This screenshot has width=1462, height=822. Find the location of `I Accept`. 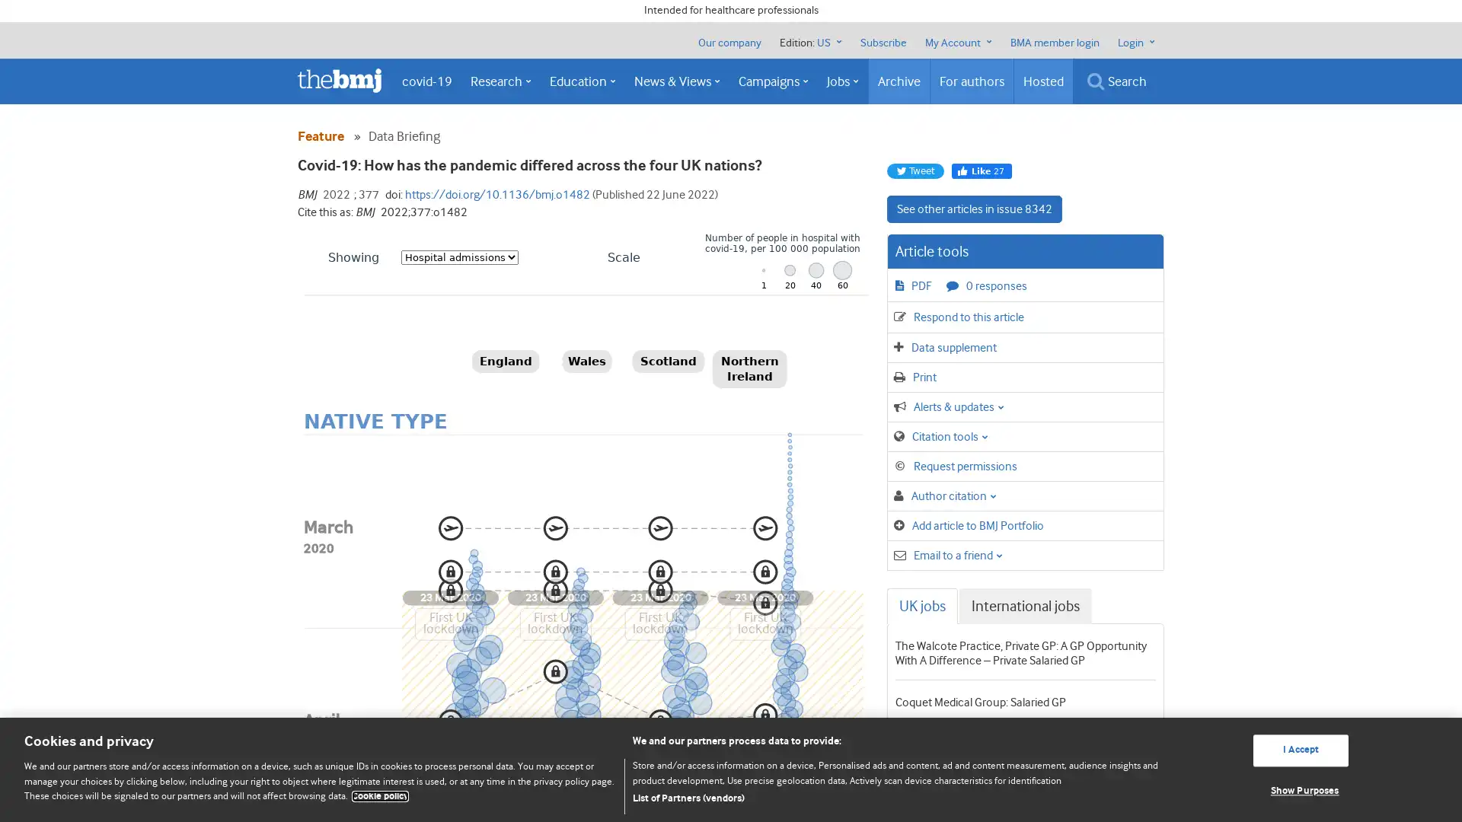

I Accept is located at coordinates (1300, 750).